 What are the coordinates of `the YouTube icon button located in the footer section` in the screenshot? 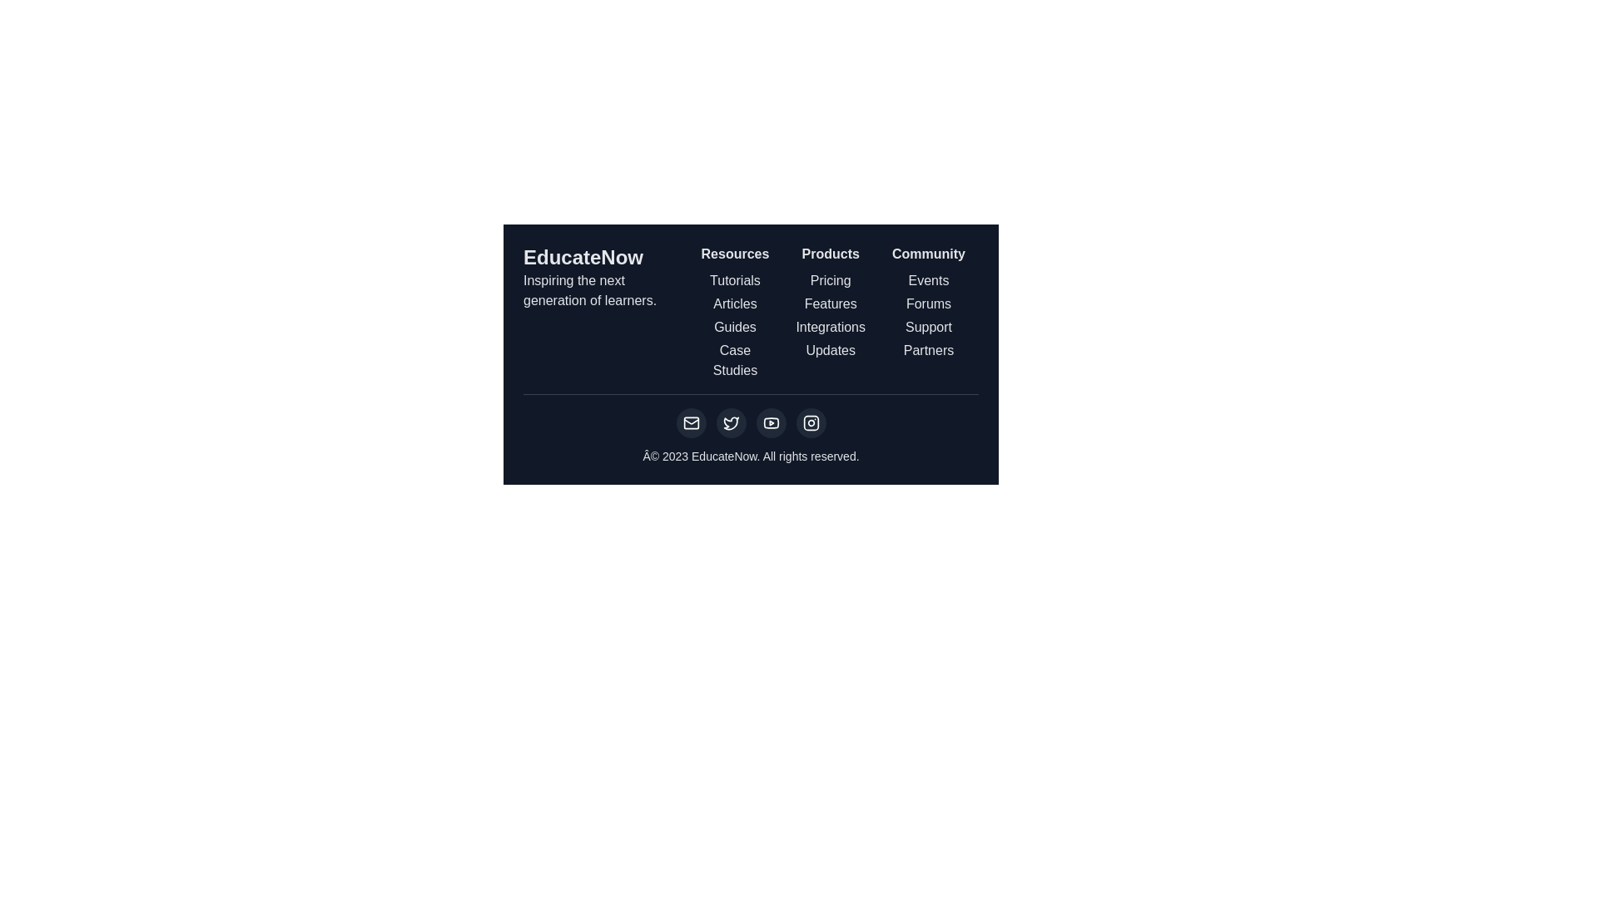 It's located at (770, 422).